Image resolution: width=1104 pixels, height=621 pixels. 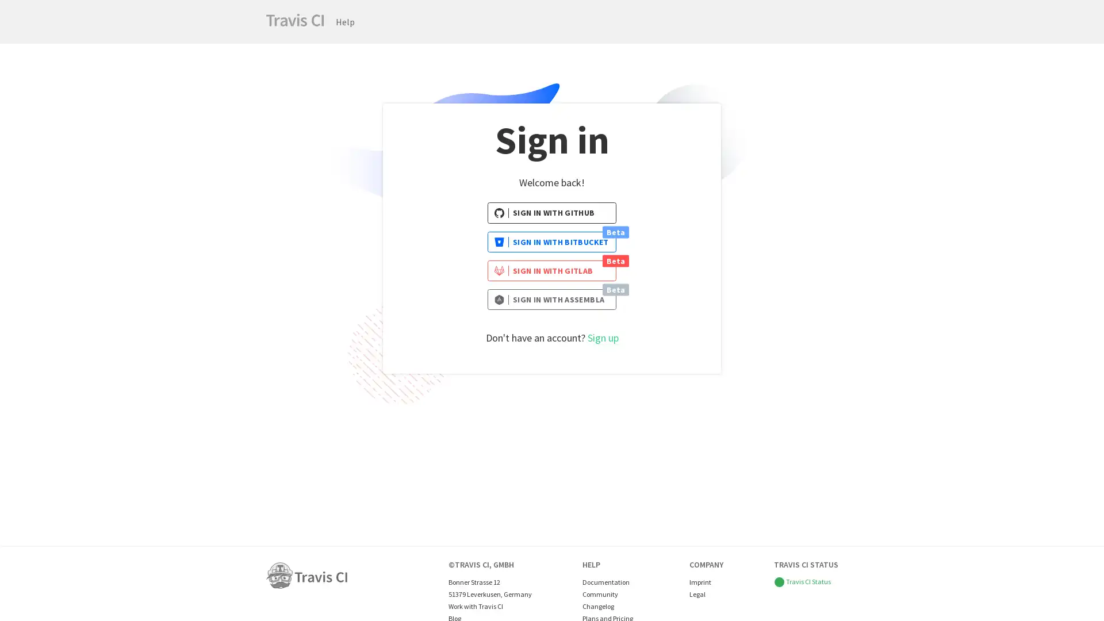 I want to click on SIGN IN WITH GITHUB, so click(x=552, y=213).